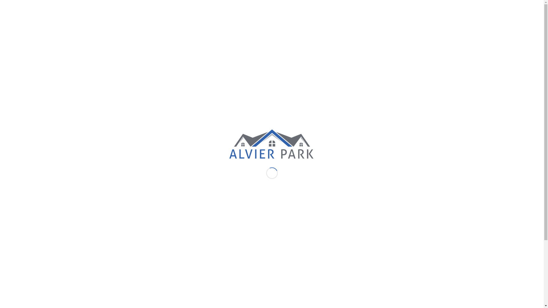 This screenshot has height=308, width=548. What do you see at coordinates (364, 21) in the screenshot?
I see `'Impressionen'` at bounding box center [364, 21].